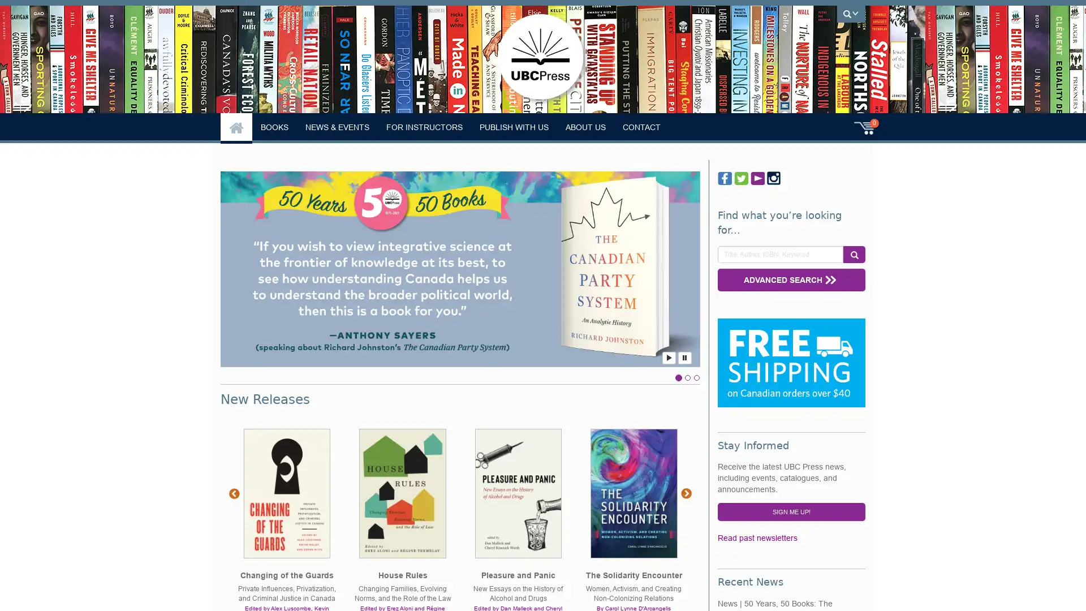  I want to click on PUBLISH WITH US, so click(513, 127).